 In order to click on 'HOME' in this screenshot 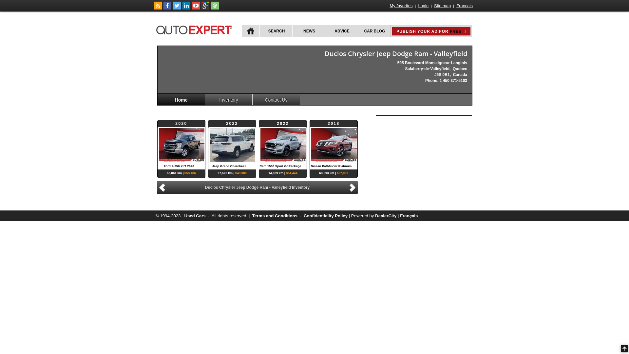, I will do `click(242, 31)`.